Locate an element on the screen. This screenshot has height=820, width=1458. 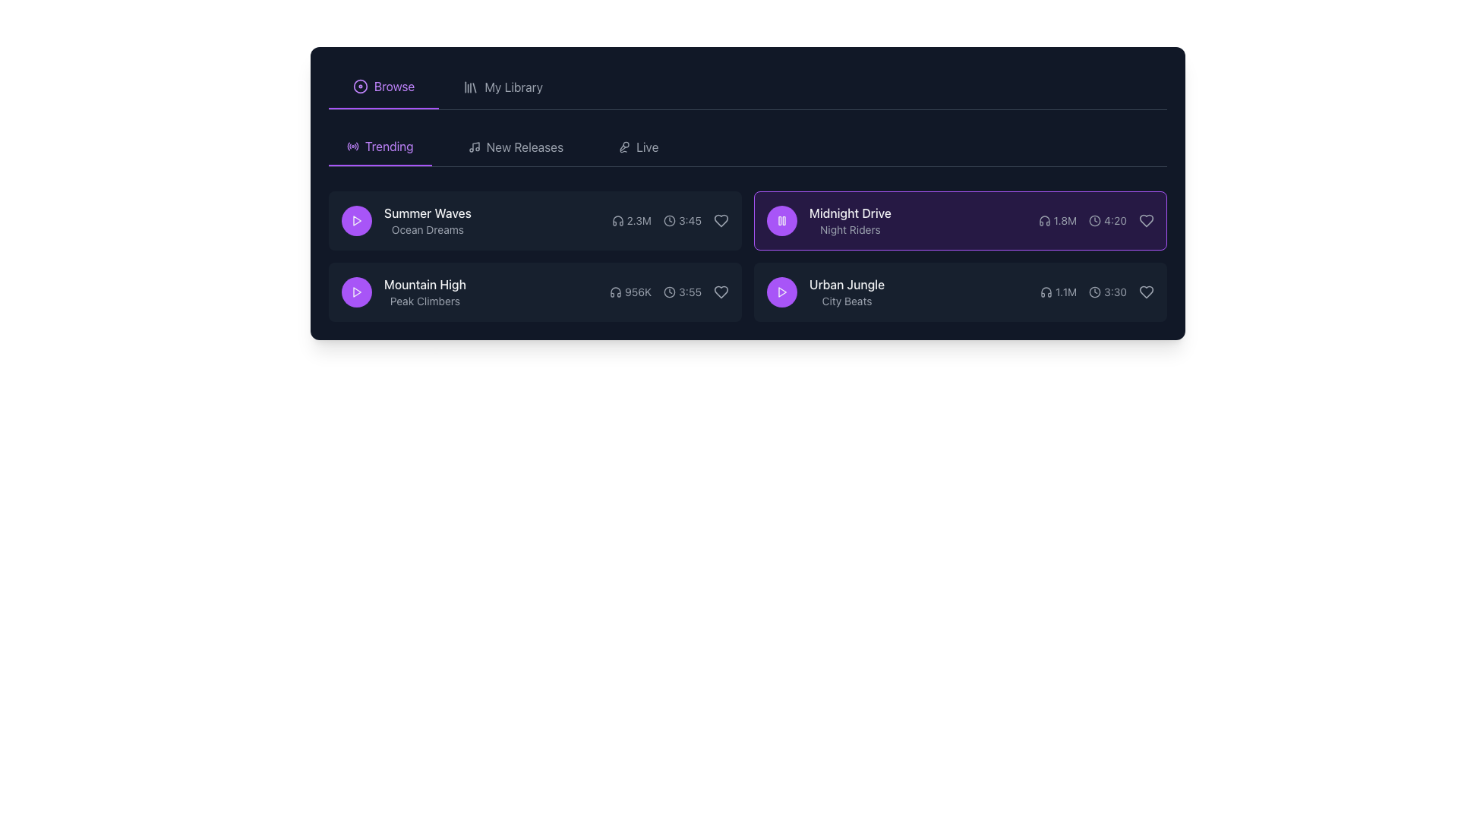
the heart icon button element for the item 'Mountain High' by 'Peak Climbers' is located at coordinates (721, 292).